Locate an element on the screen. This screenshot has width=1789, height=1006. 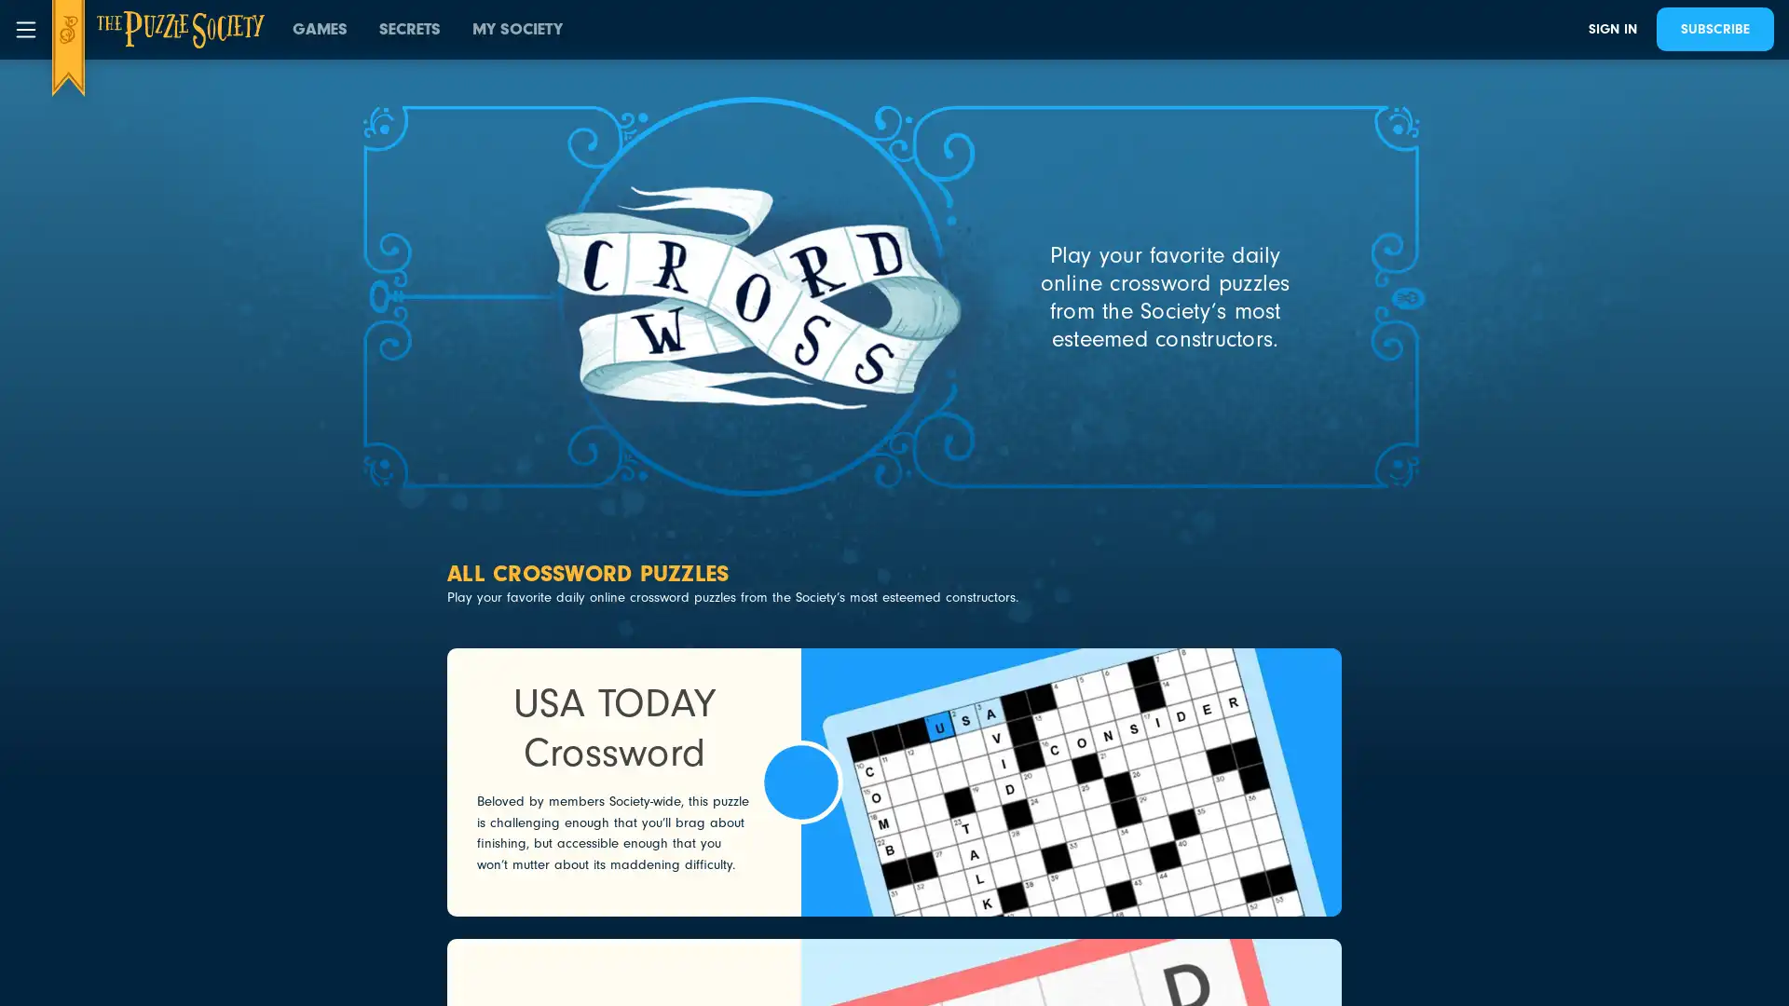
SIGN IN is located at coordinates (1612, 29).